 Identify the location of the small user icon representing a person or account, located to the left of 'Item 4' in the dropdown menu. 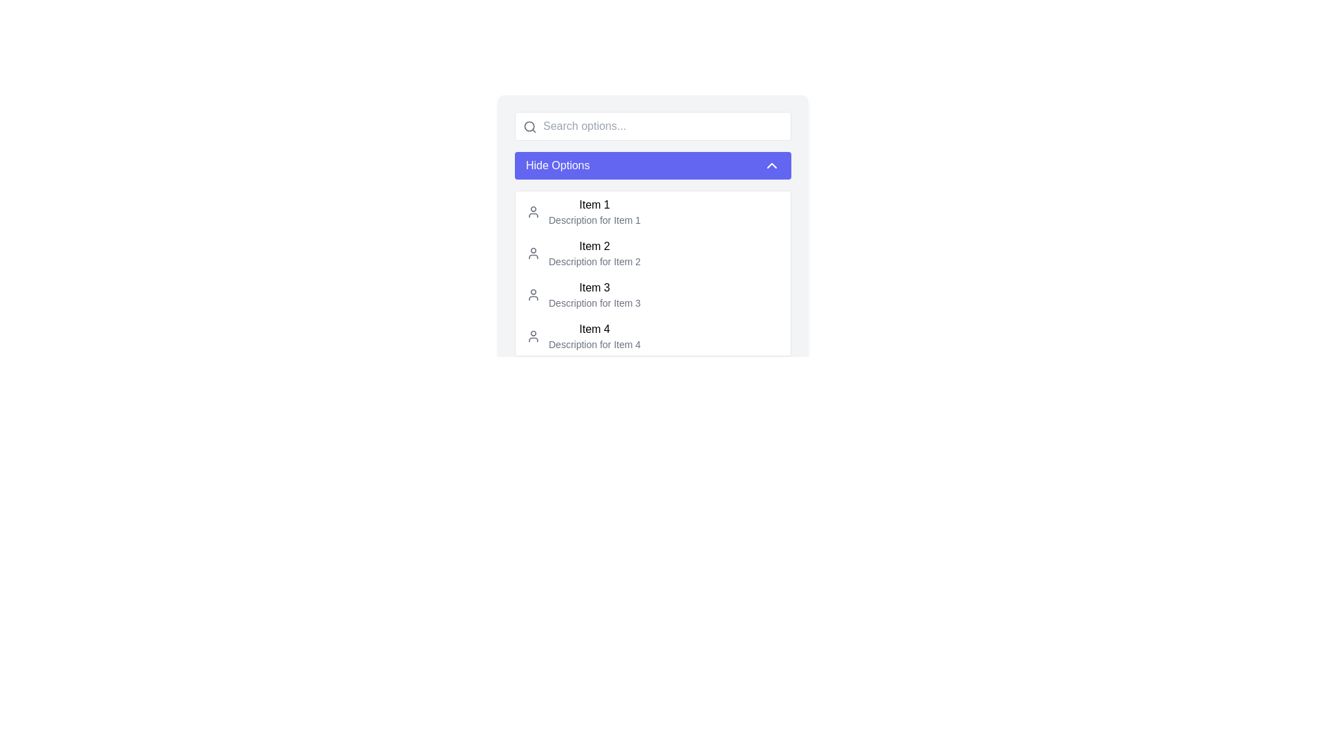
(533, 336).